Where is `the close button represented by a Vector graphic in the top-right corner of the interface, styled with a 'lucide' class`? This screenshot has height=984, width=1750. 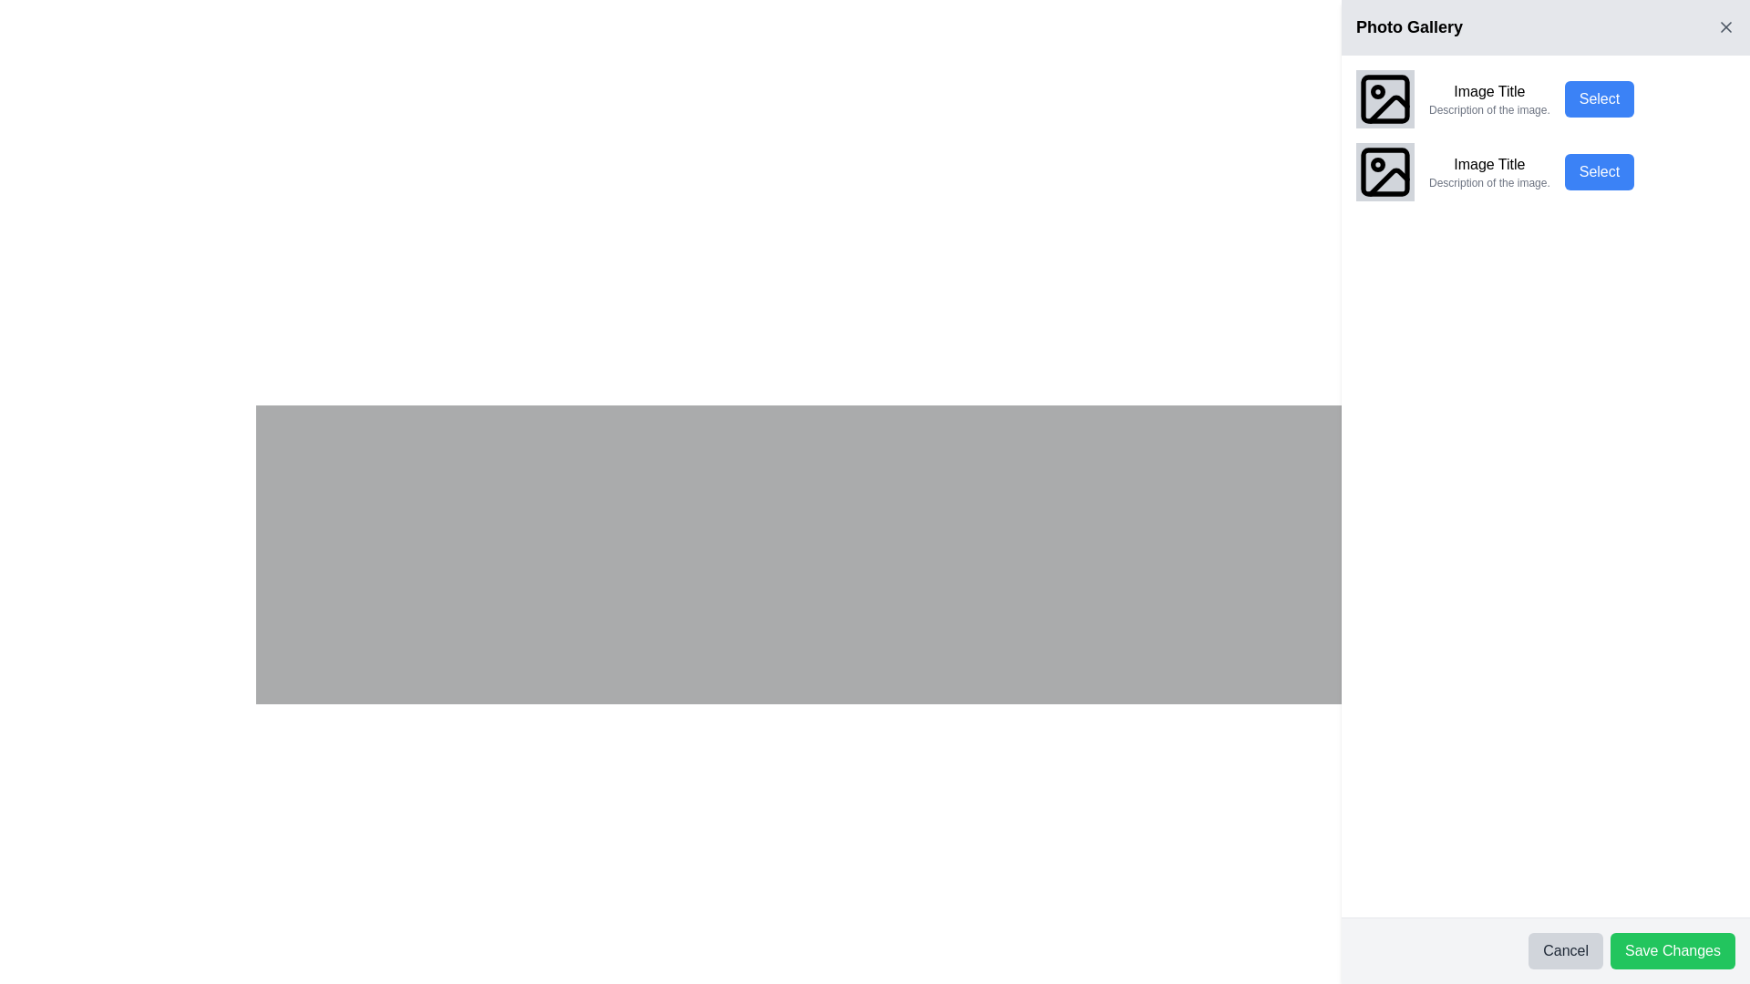 the close button represented by a Vector graphic in the top-right corner of the interface, styled with a 'lucide' class is located at coordinates (1725, 27).